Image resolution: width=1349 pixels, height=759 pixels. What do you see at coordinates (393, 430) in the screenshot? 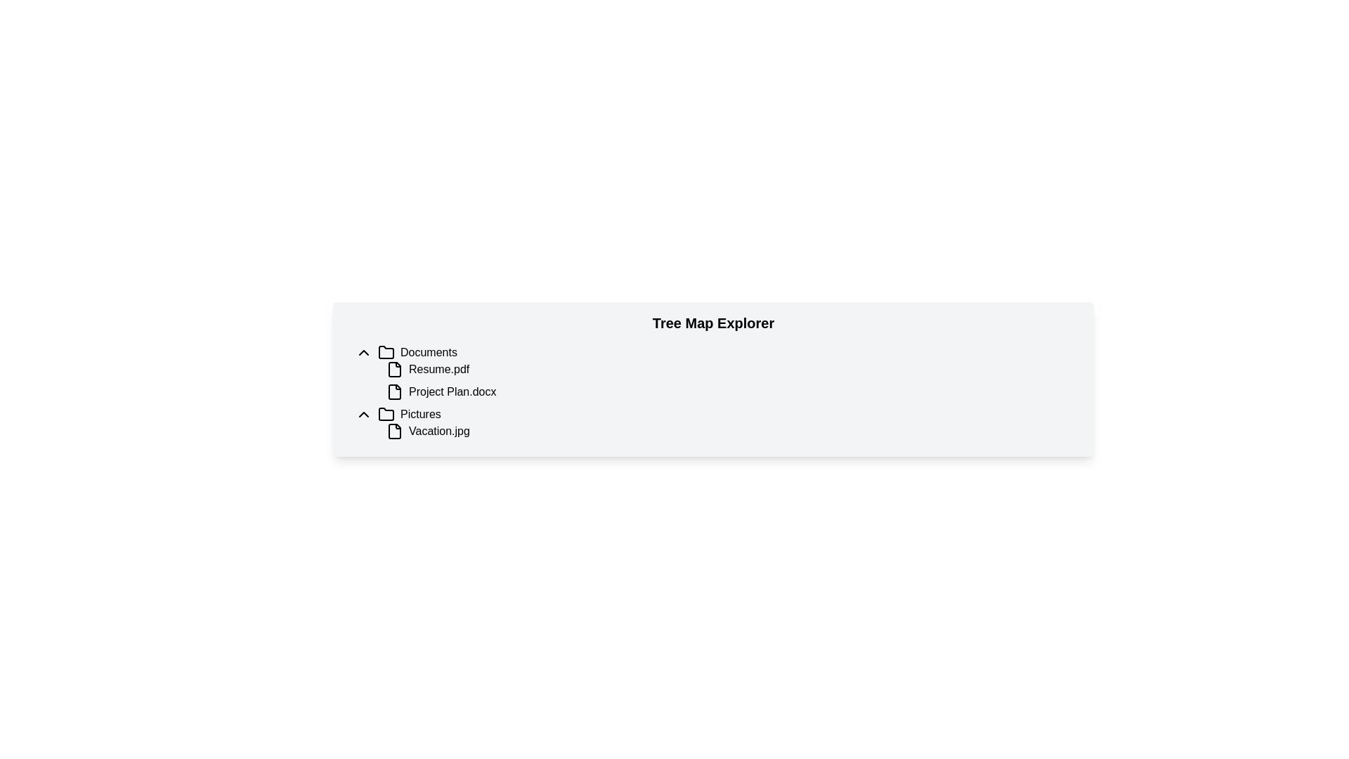
I see `the icon representing the image file 'Vacation.jpg'` at bounding box center [393, 430].